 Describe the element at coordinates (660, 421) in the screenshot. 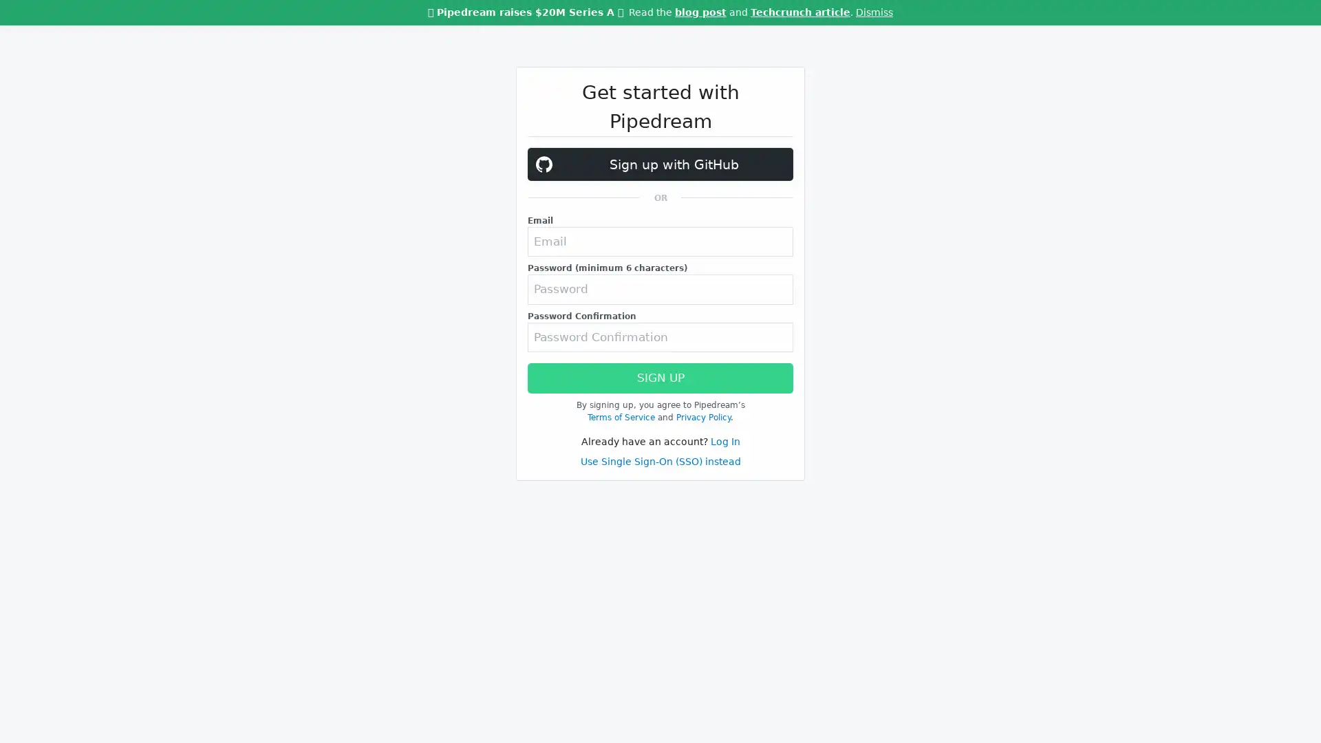

I see `SIGN UP` at that location.